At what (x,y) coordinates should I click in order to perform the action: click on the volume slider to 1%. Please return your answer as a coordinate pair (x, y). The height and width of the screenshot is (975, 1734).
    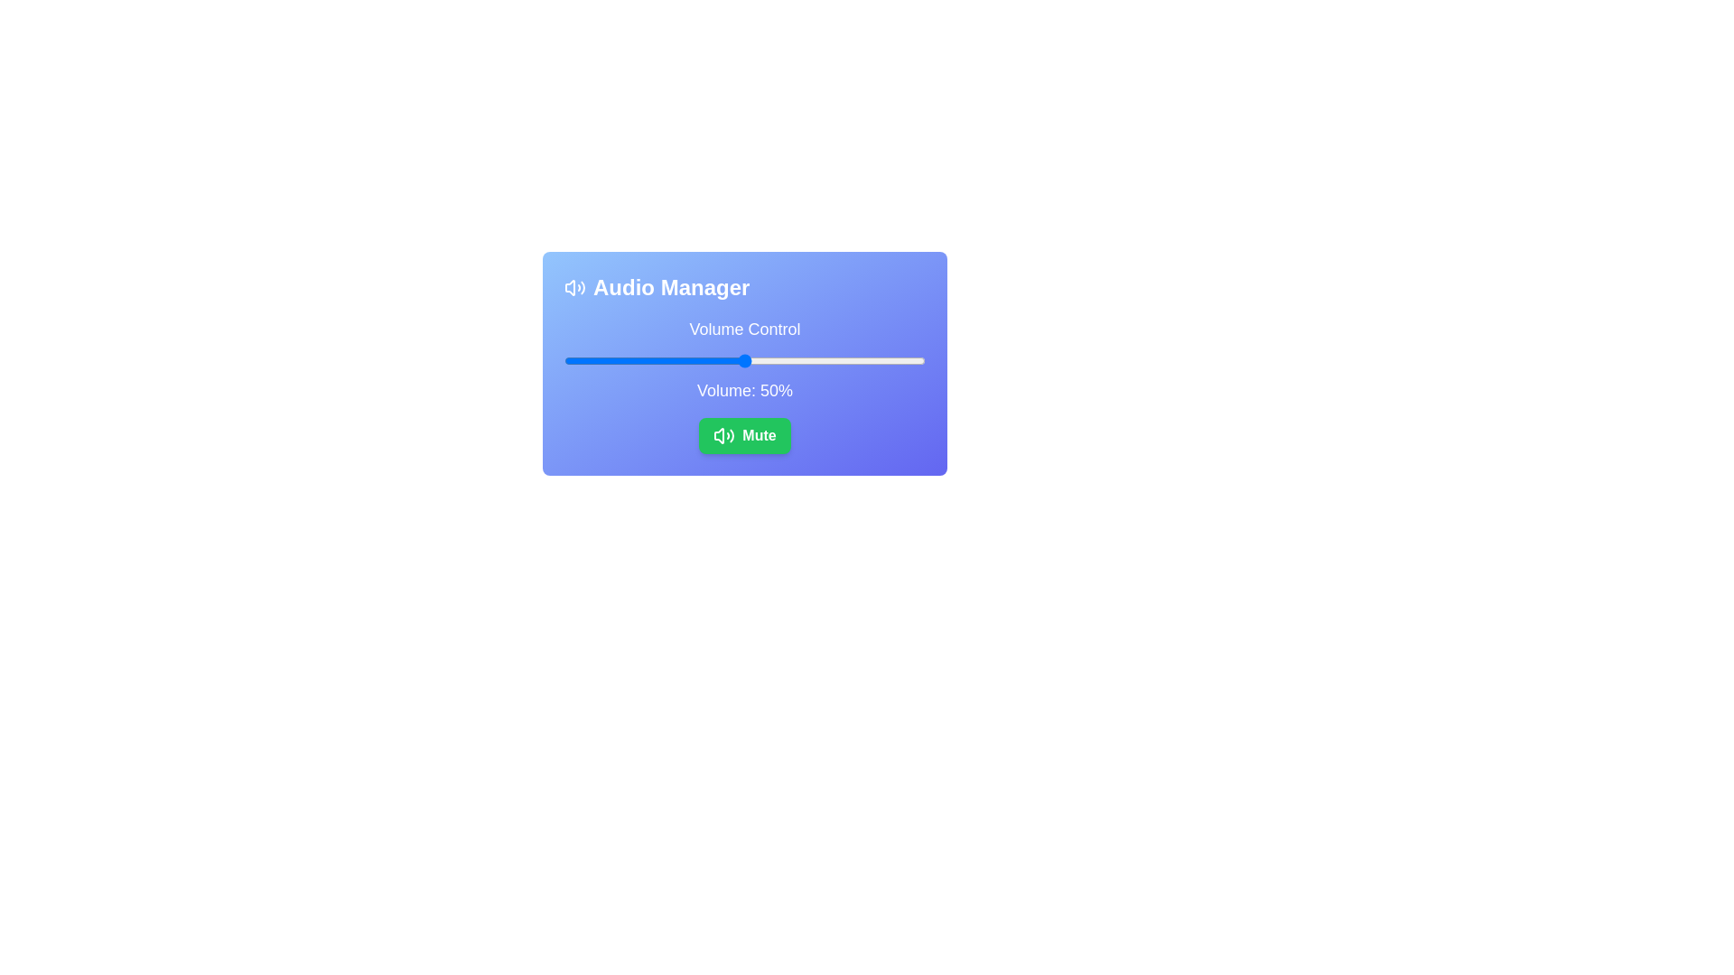
    Looking at the image, I should click on (566, 361).